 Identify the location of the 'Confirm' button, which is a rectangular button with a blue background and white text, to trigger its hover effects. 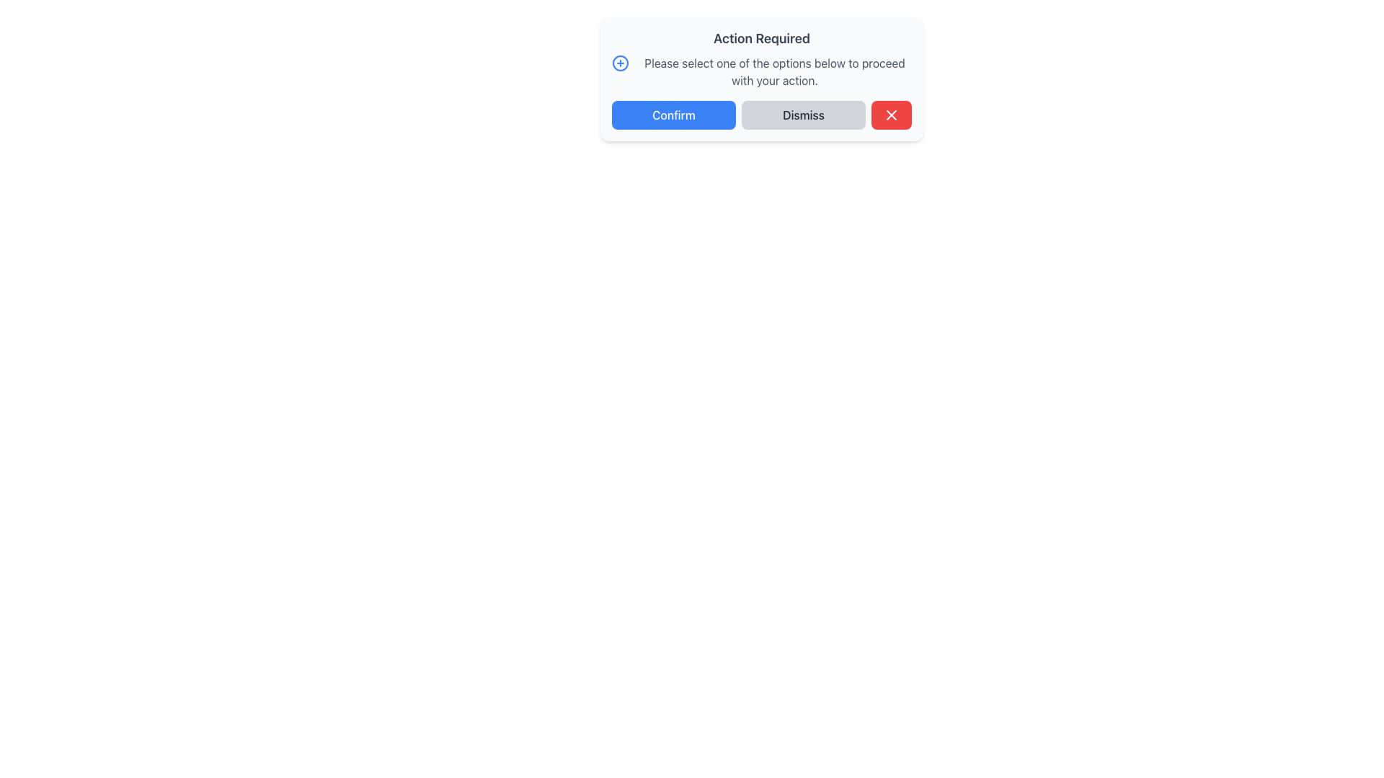
(673, 114).